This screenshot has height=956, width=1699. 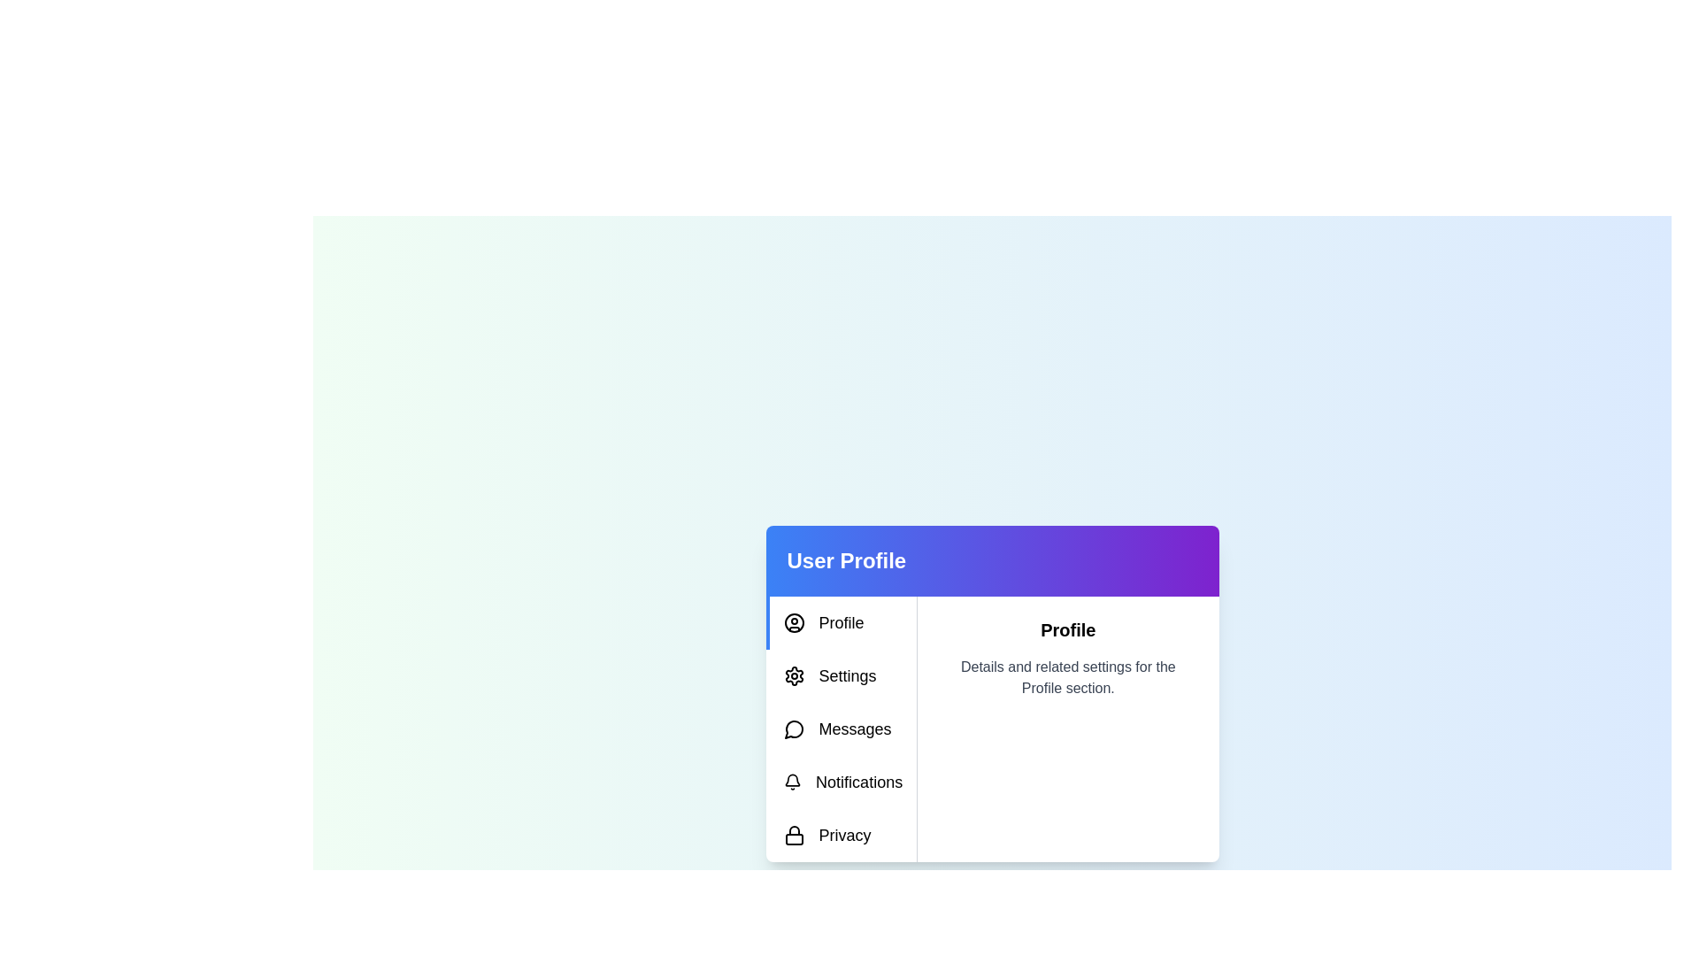 What do you see at coordinates (840, 781) in the screenshot?
I see `the tab labeled 'Notifications' to display its content` at bounding box center [840, 781].